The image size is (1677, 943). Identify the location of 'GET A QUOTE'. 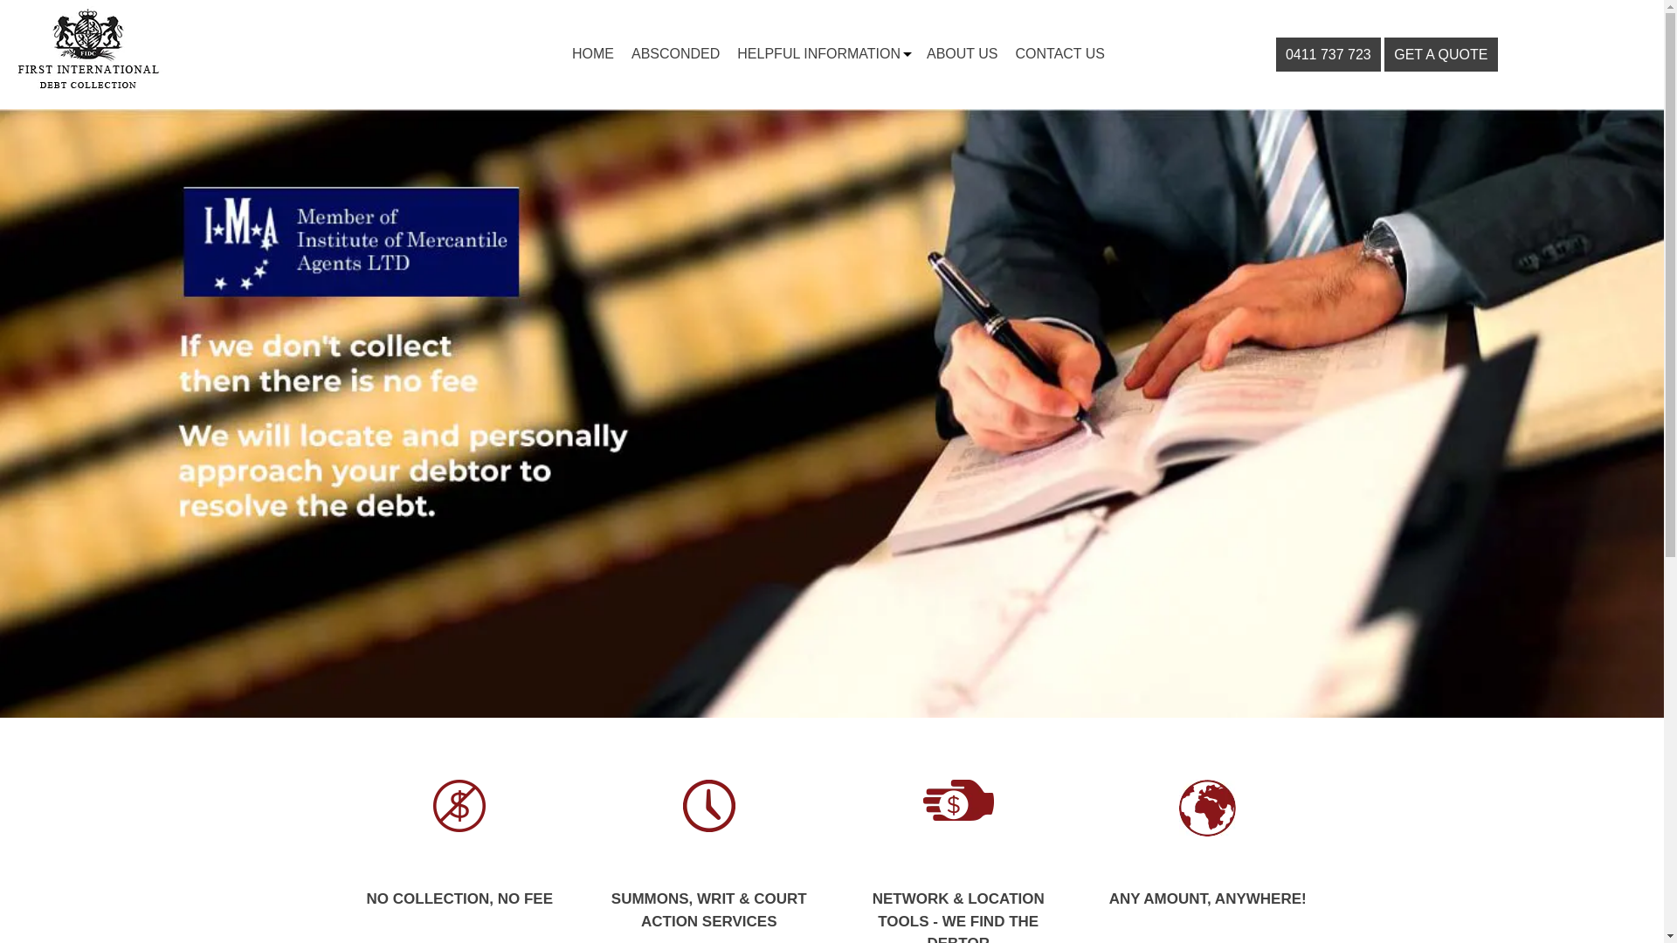
(1383, 53).